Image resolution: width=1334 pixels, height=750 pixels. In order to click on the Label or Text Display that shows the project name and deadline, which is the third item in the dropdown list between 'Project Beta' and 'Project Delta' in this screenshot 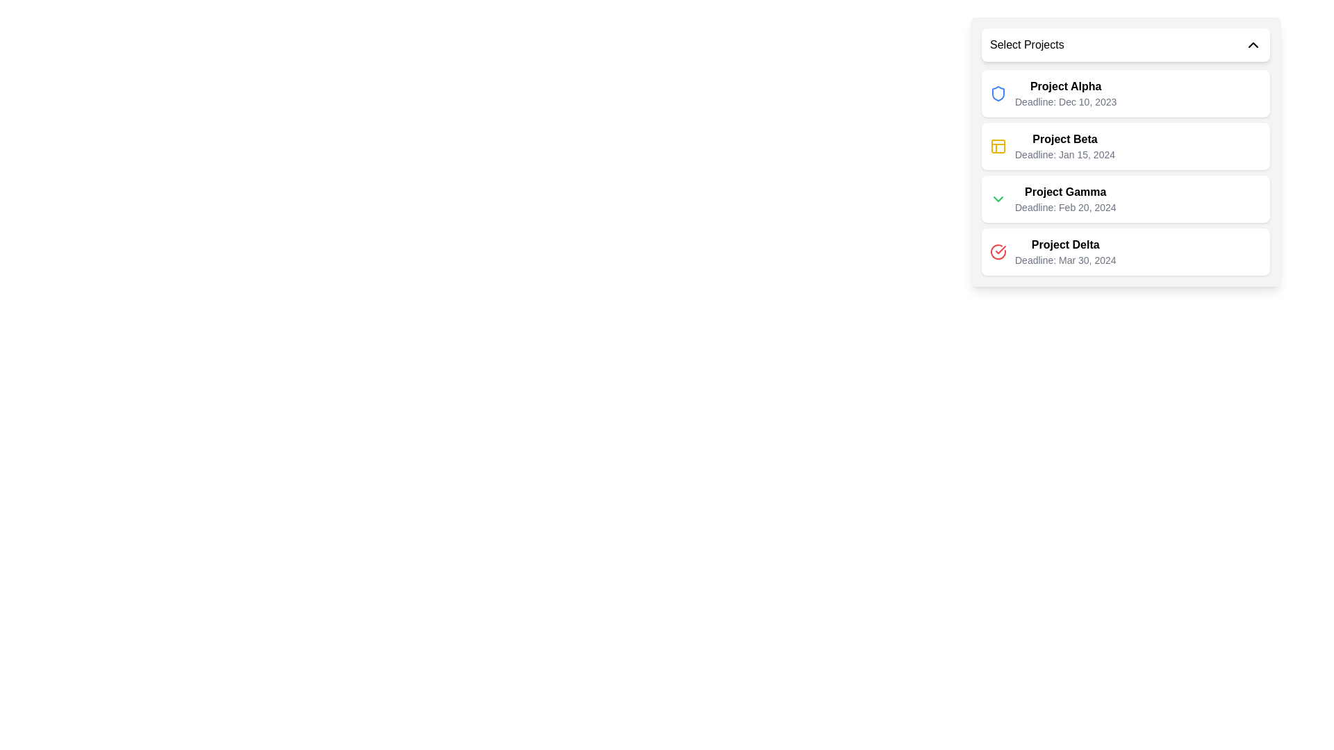, I will do `click(1064, 199)`.